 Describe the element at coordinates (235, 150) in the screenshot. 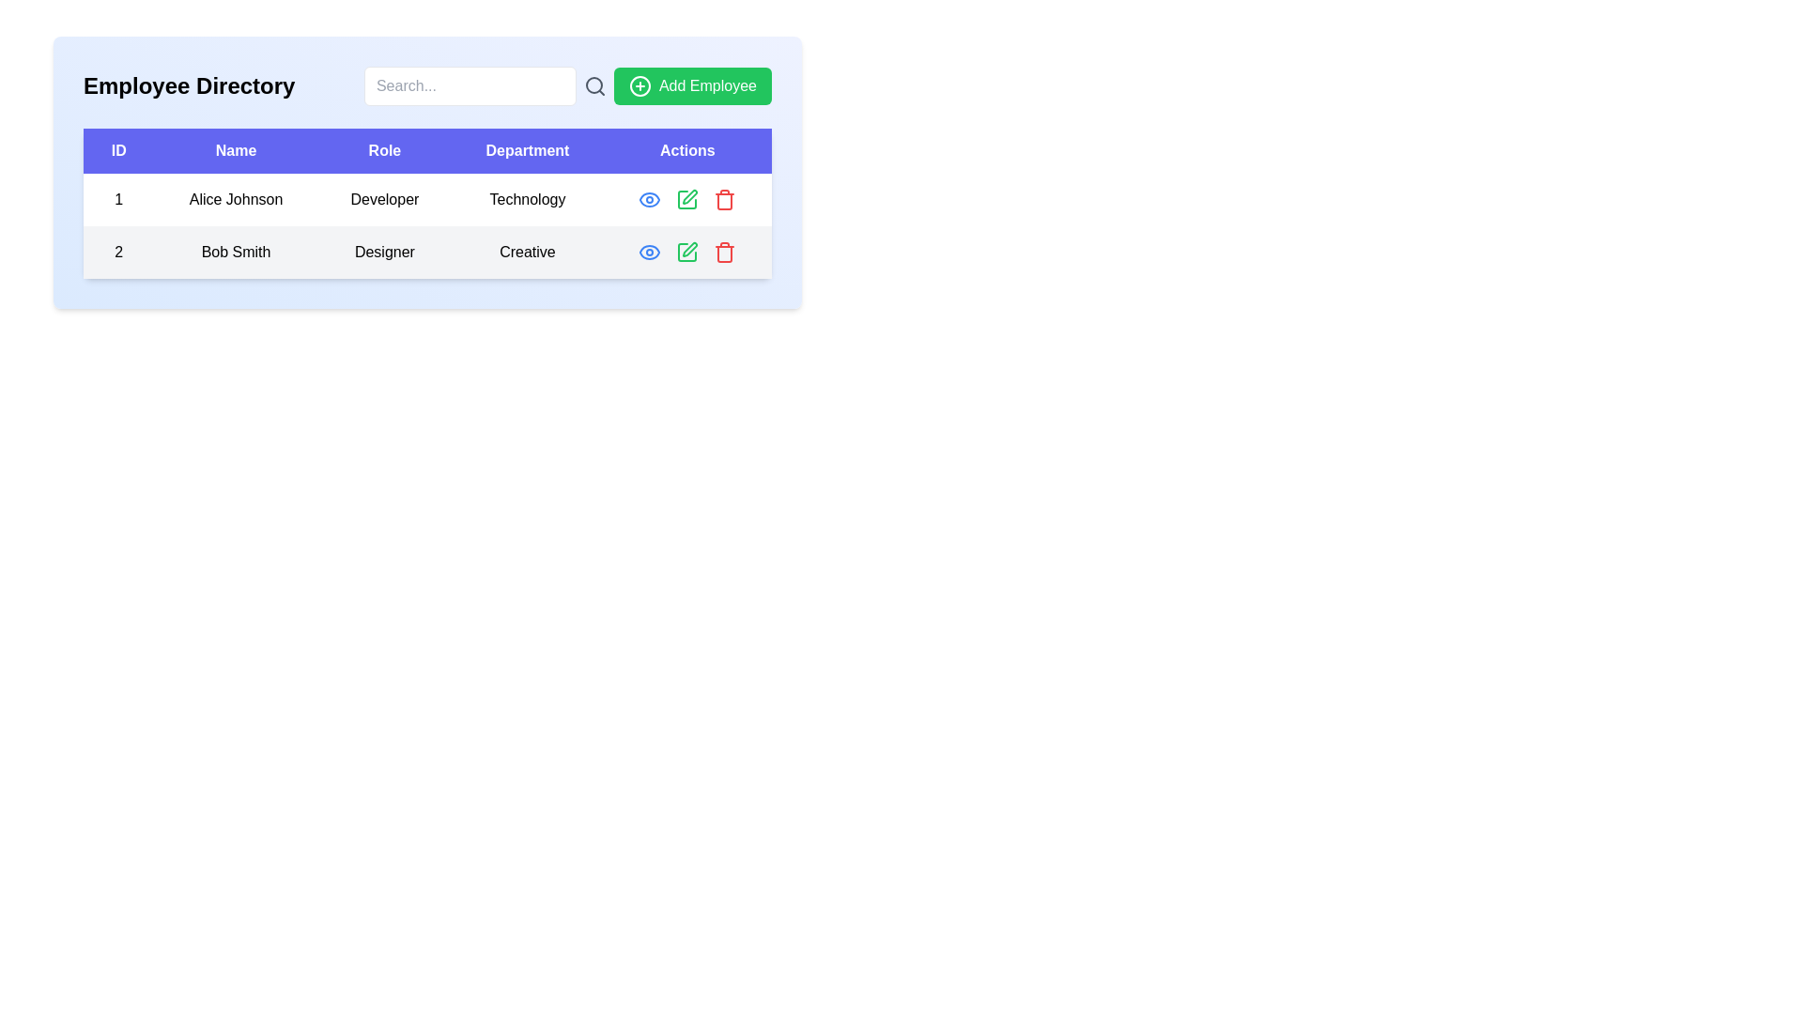

I see `text 'Name' from the second header cell in the table header row, which is located between the 'ID' and 'Role' header cells` at that location.